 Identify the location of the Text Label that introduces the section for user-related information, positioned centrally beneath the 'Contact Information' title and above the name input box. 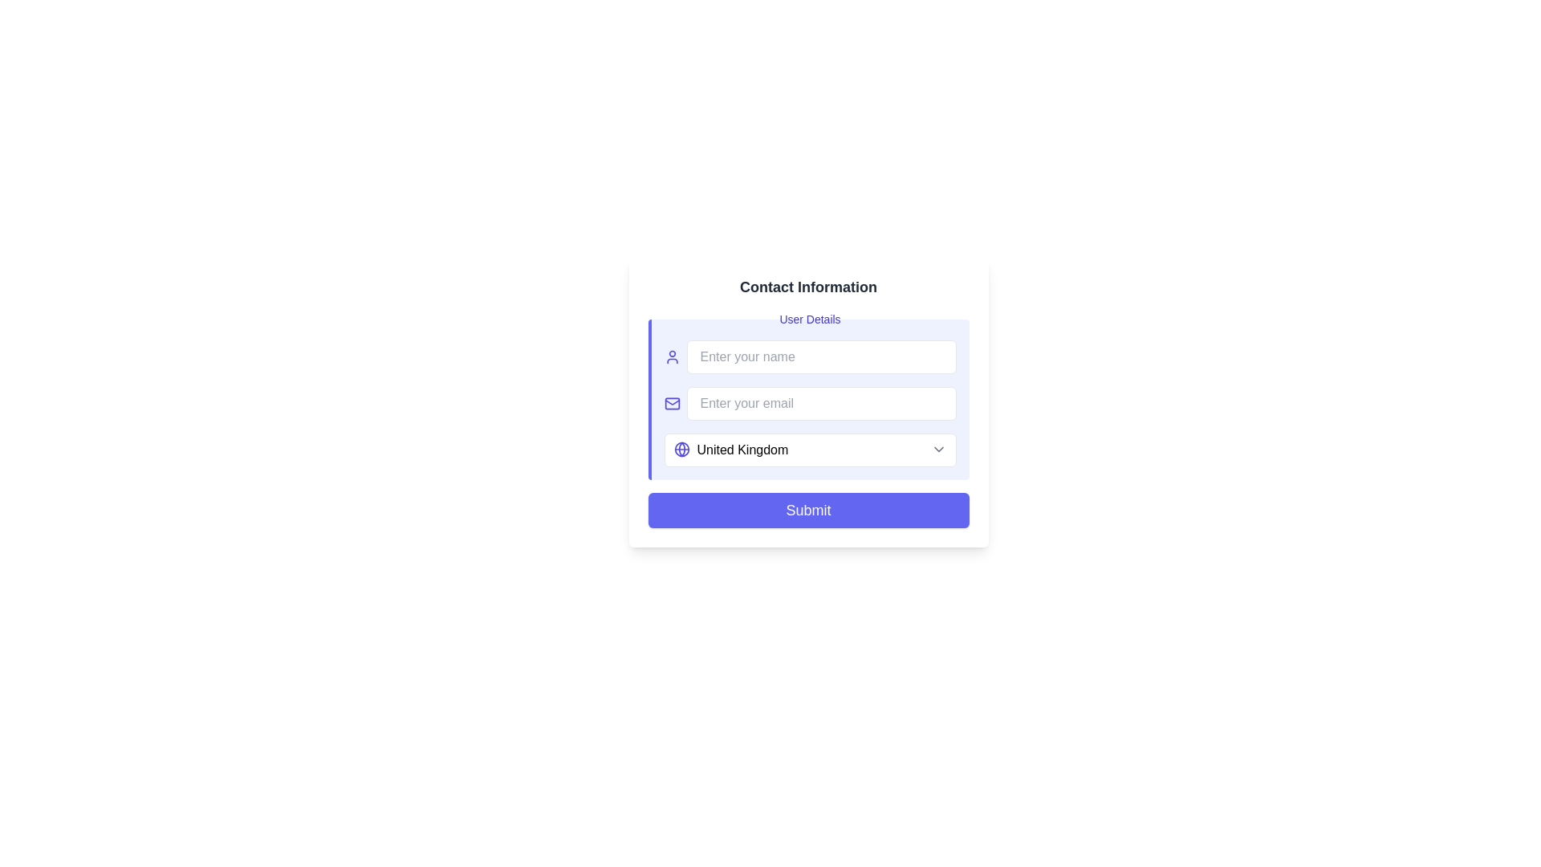
(810, 319).